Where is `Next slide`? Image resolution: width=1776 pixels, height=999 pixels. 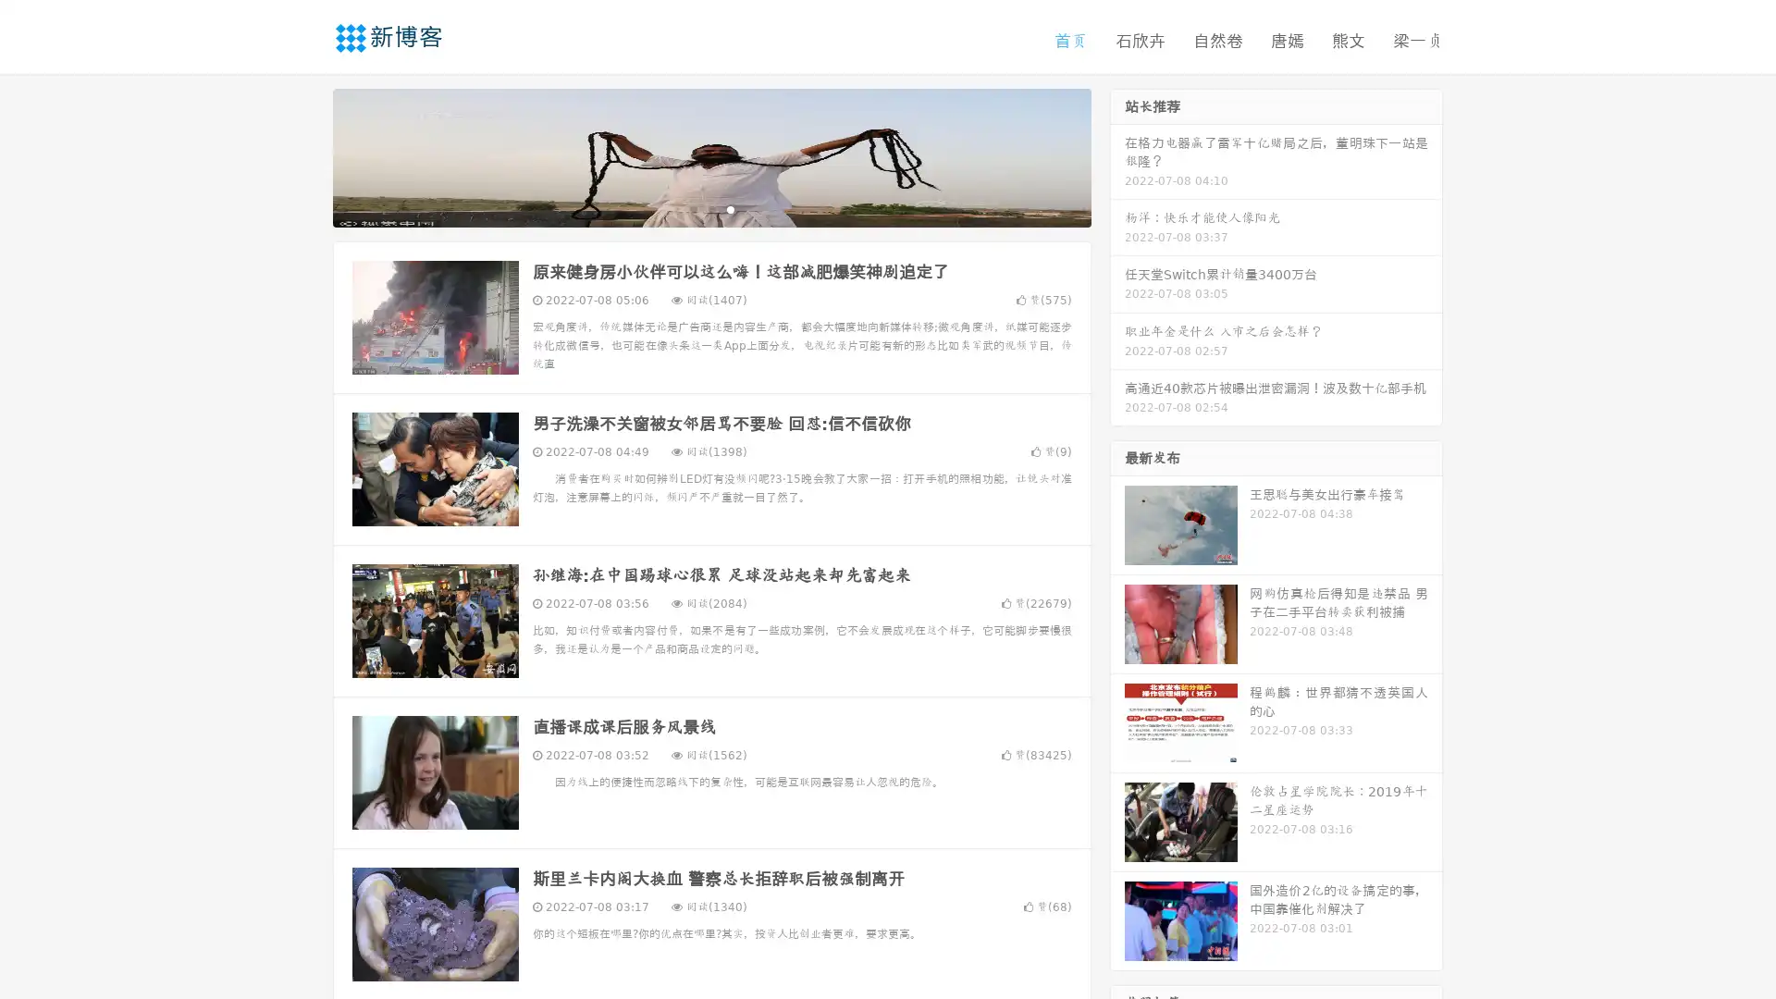 Next slide is located at coordinates (1117, 155).